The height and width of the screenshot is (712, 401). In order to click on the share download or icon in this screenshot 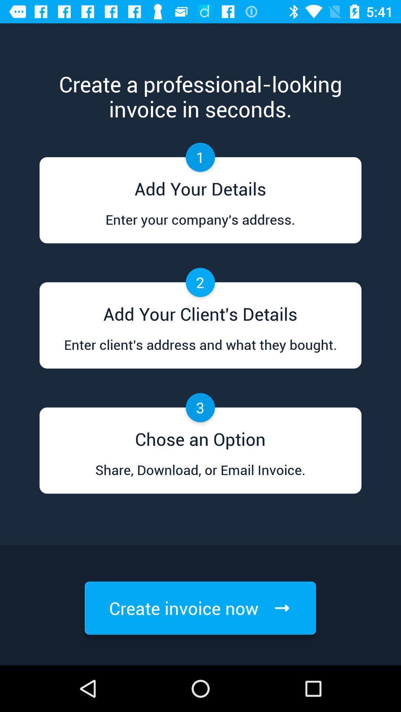, I will do `click(200, 477)`.